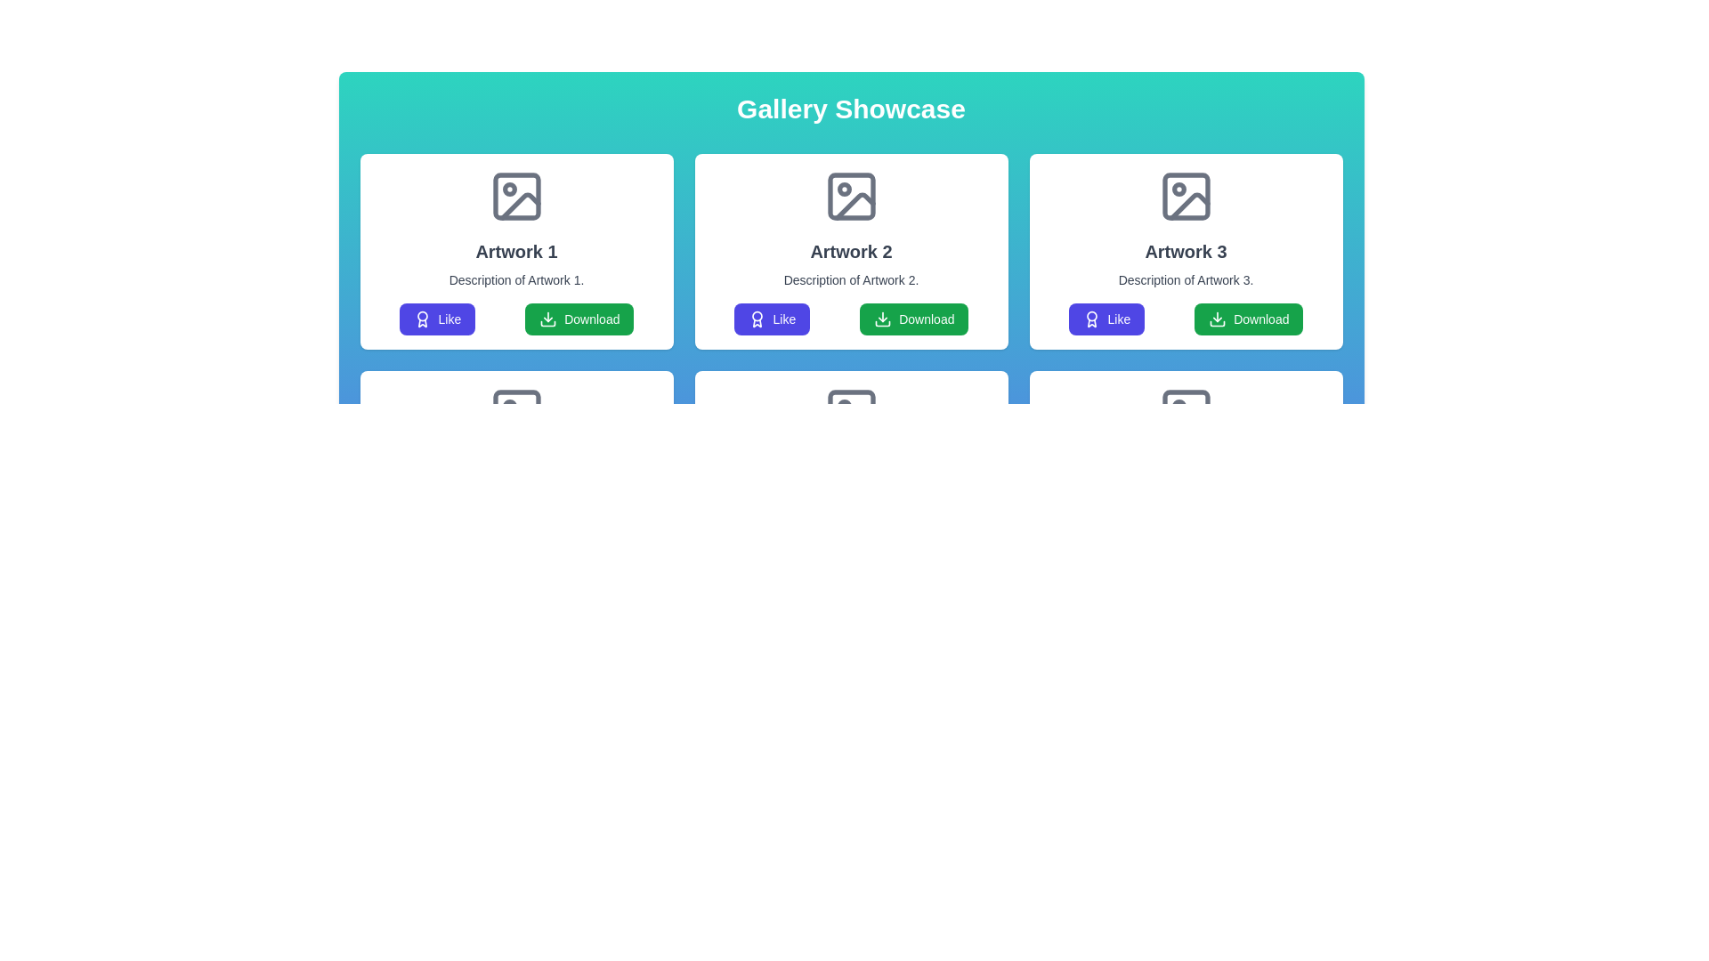 This screenshot has width=1709, height=961. Describe the element at coordinates (1186, 196) in the screenshot. I see `the small gray decorative rectangle with rounded corners located in the top-right image labeled 'Artwork 3', positioned inside the image frame next to a circular icon` at that location.